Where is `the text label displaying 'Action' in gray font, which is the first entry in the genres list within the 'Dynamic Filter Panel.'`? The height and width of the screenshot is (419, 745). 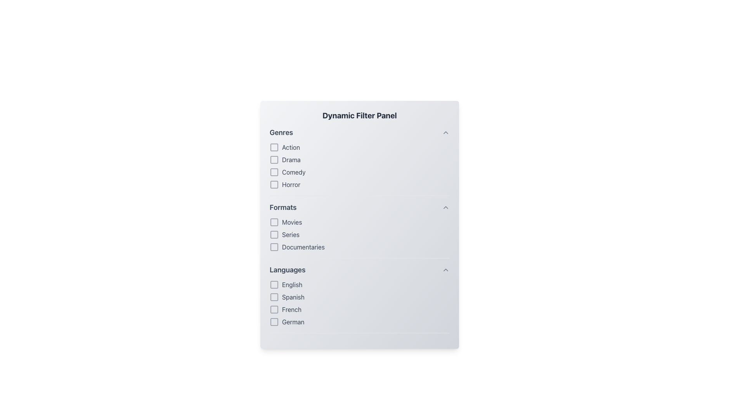 the text label displaying 'Action' in gray font, which is the first entry in the genres list within the 'Dynamic Filter Panel.' is located at coordinates (291, 147).